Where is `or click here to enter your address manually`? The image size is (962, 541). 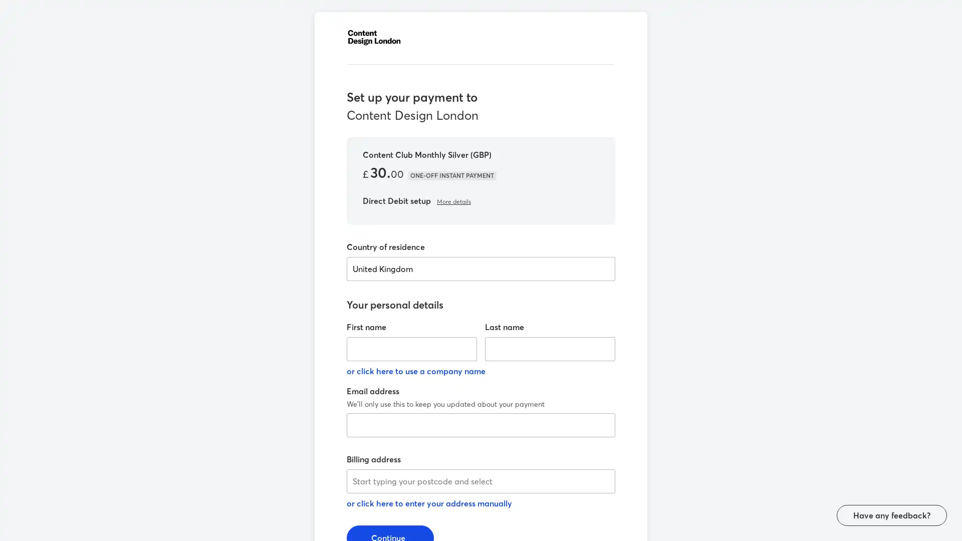 or click here to enter your address manually is located at coordinates (429, 501).